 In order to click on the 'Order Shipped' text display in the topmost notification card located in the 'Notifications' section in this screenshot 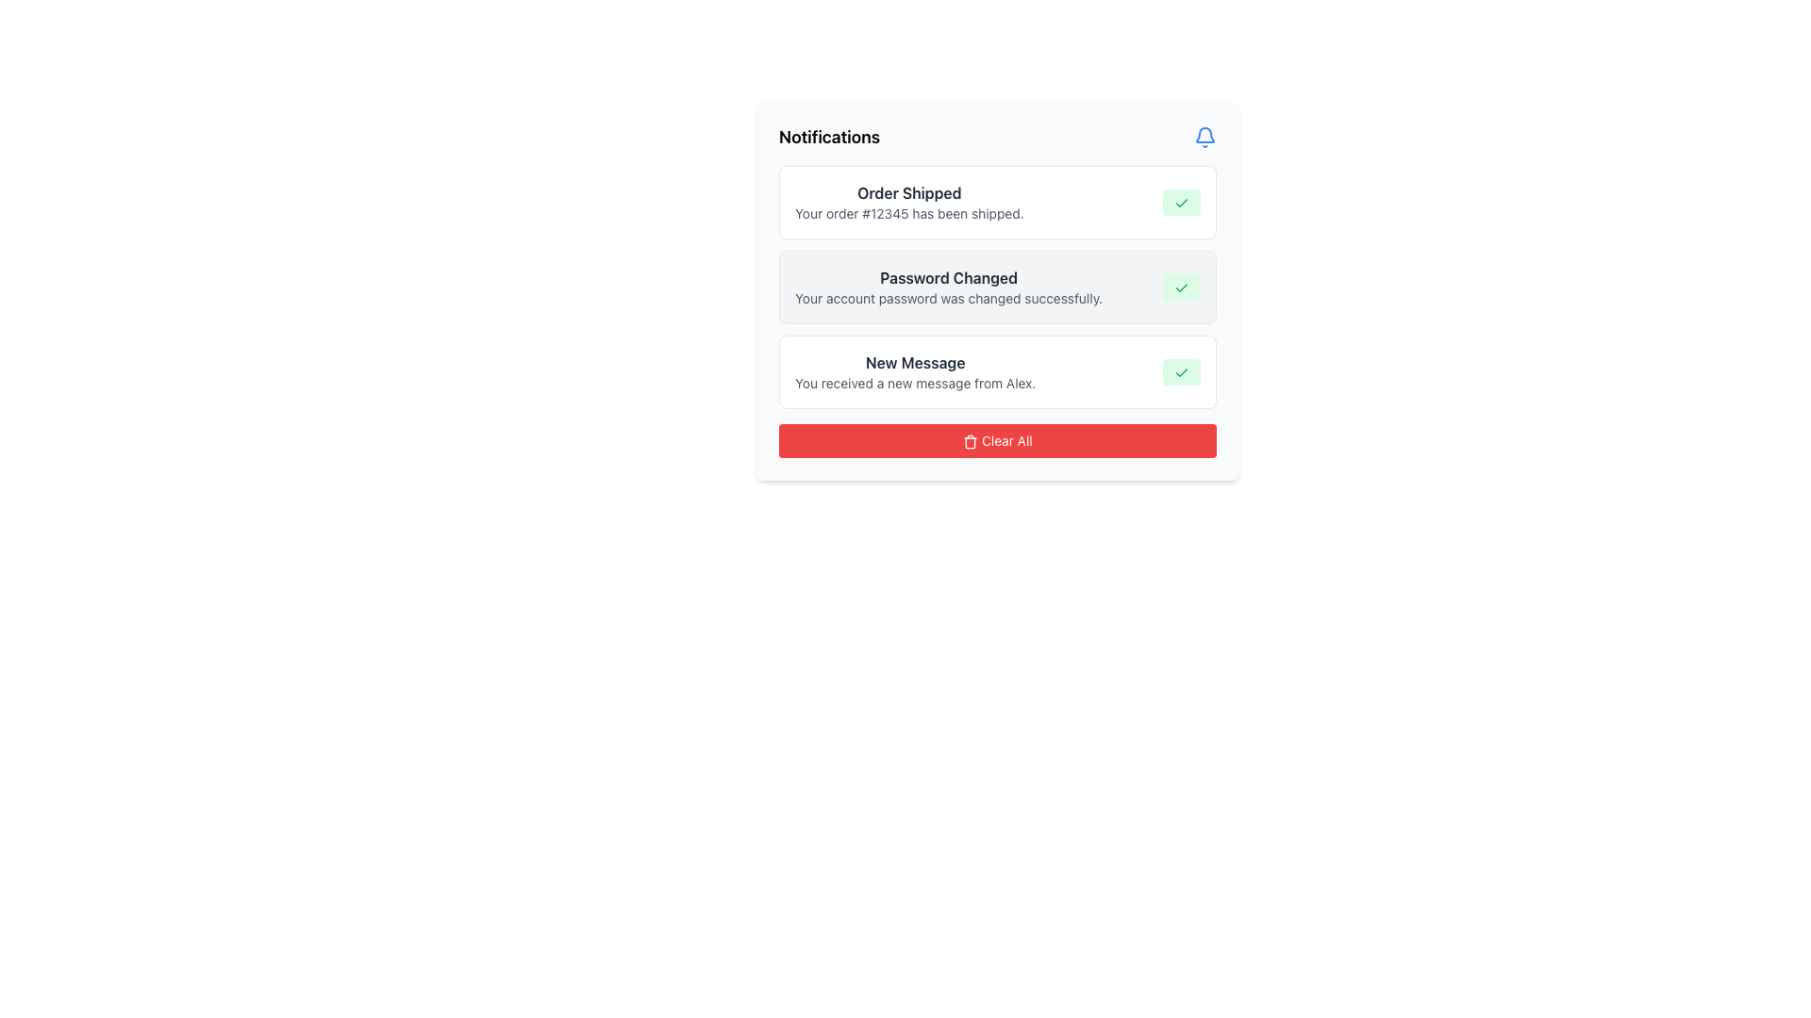, I will do `click(909, 203)`.